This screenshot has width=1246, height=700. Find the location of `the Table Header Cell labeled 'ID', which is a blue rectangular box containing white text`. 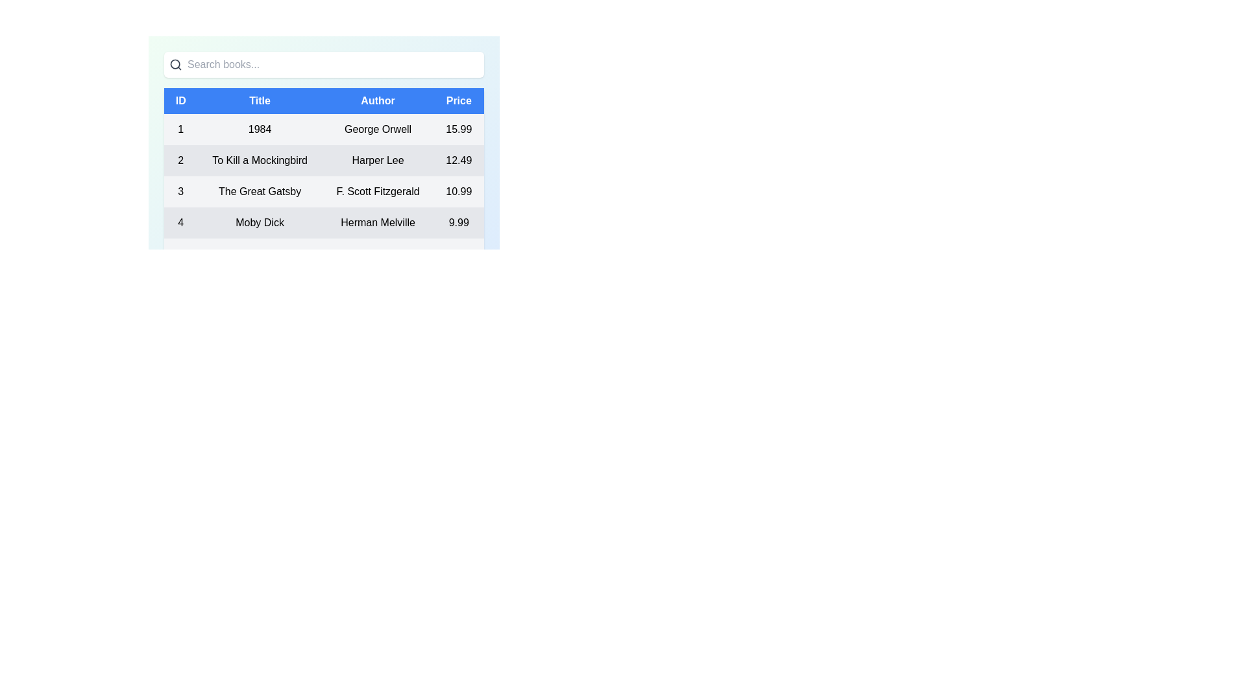

the Table Header Cell labeled 'ID', which is a blue rectangular box containing white text is located at coordinates (180, 100).